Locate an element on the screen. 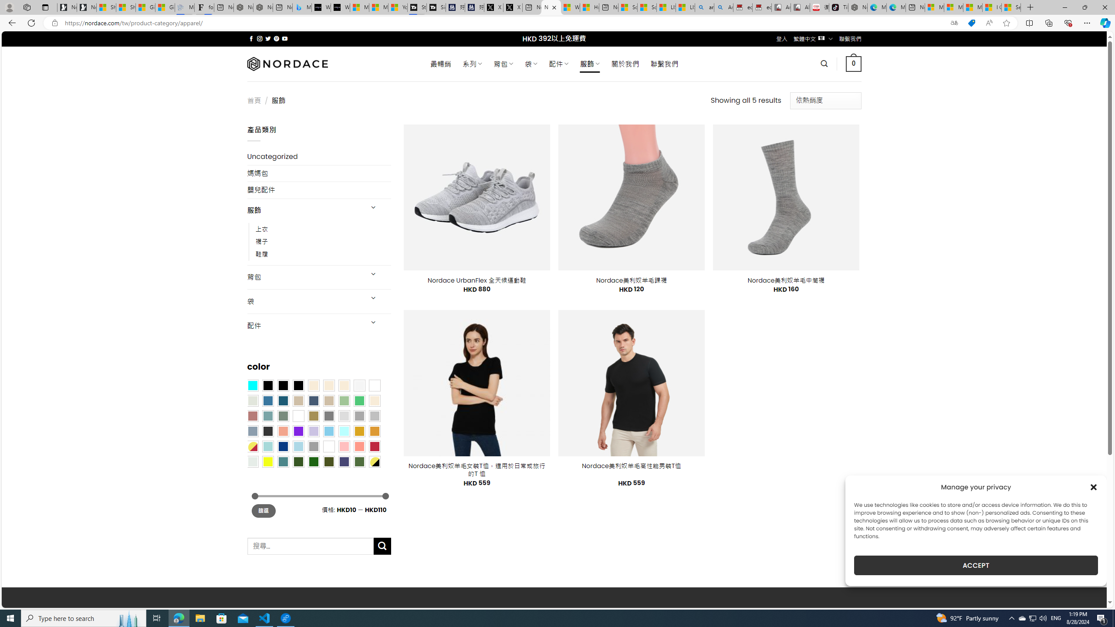  'I Gained 20 Pounds of Muscle in 30 Days! | Watch' is located at coordinates (992, 7).